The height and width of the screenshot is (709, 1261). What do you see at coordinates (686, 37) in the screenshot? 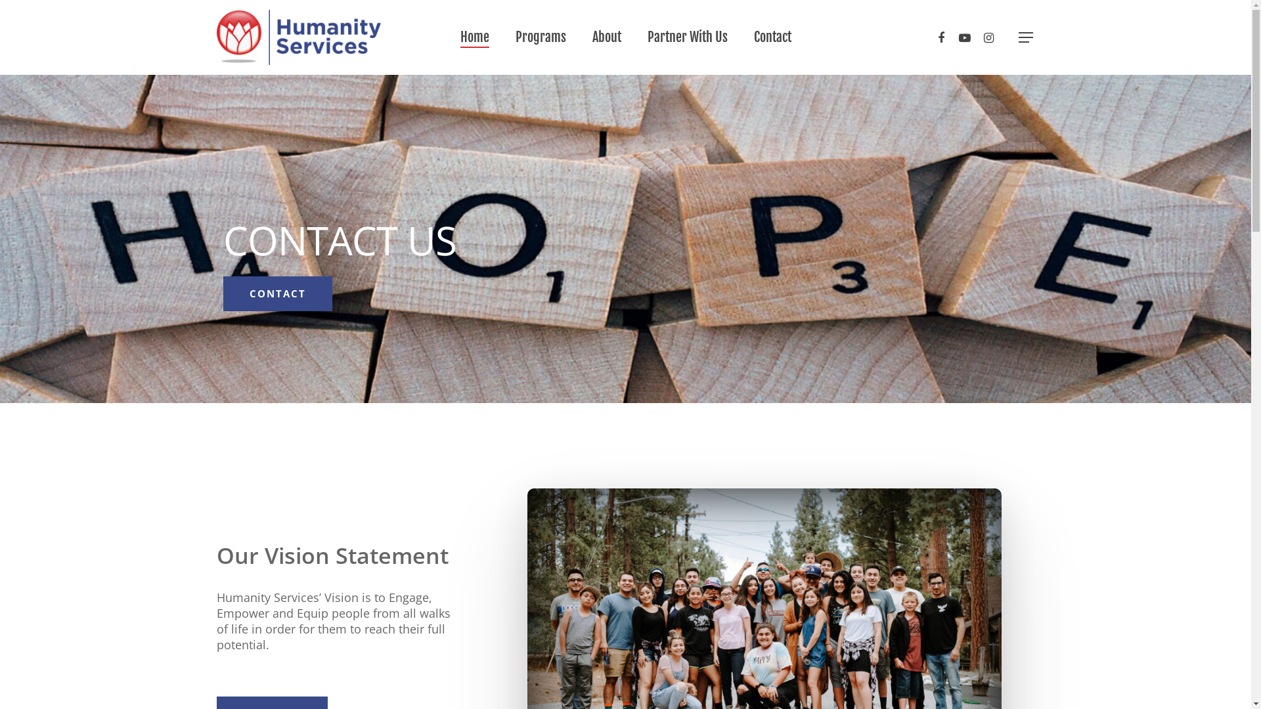
I see `'Partner With Us'` at bounding box center [686, 37].